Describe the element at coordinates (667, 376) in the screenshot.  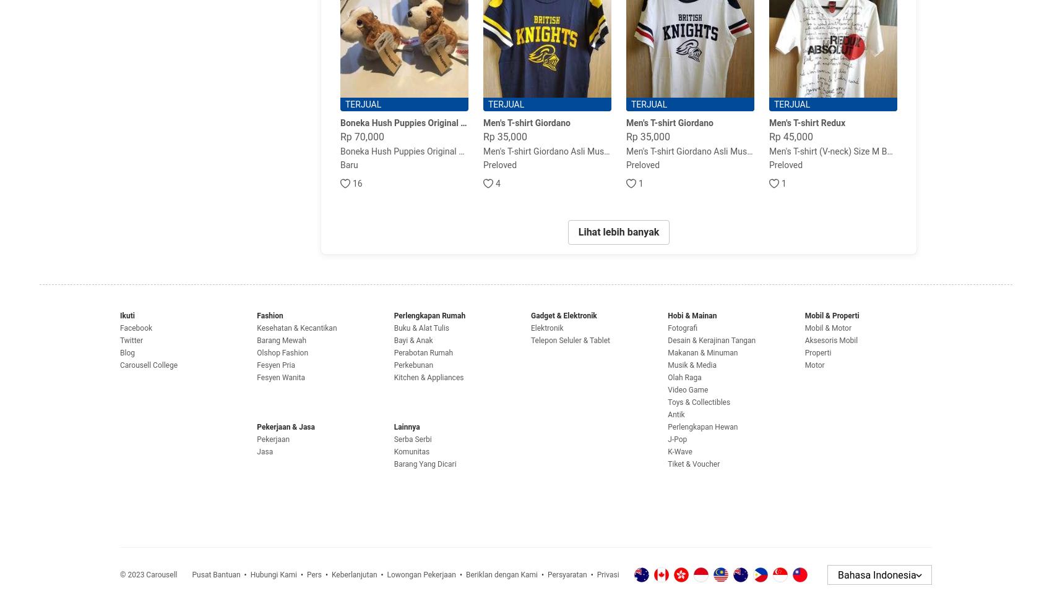
I see `'Olah Raga'` at that location.